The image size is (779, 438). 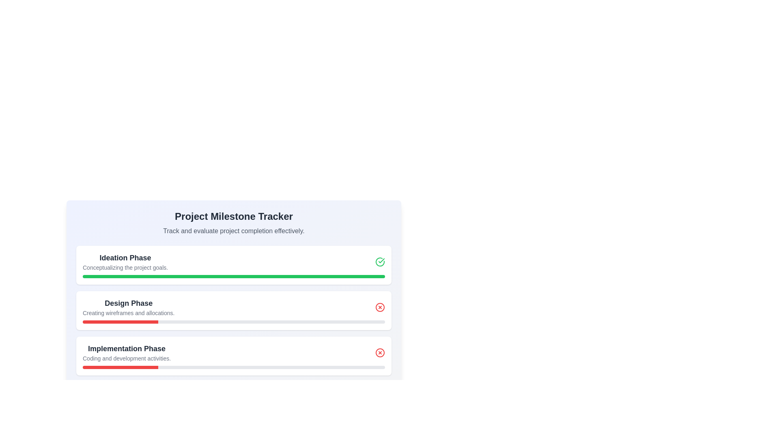 What do you see at coordinates (233, 231) in the screenshot?
I see `the Text label stating 'Track and evaluate project completion effectively,' located directly below the title 'Project Milestone Tracker.'` at bounding box center [233, 231].